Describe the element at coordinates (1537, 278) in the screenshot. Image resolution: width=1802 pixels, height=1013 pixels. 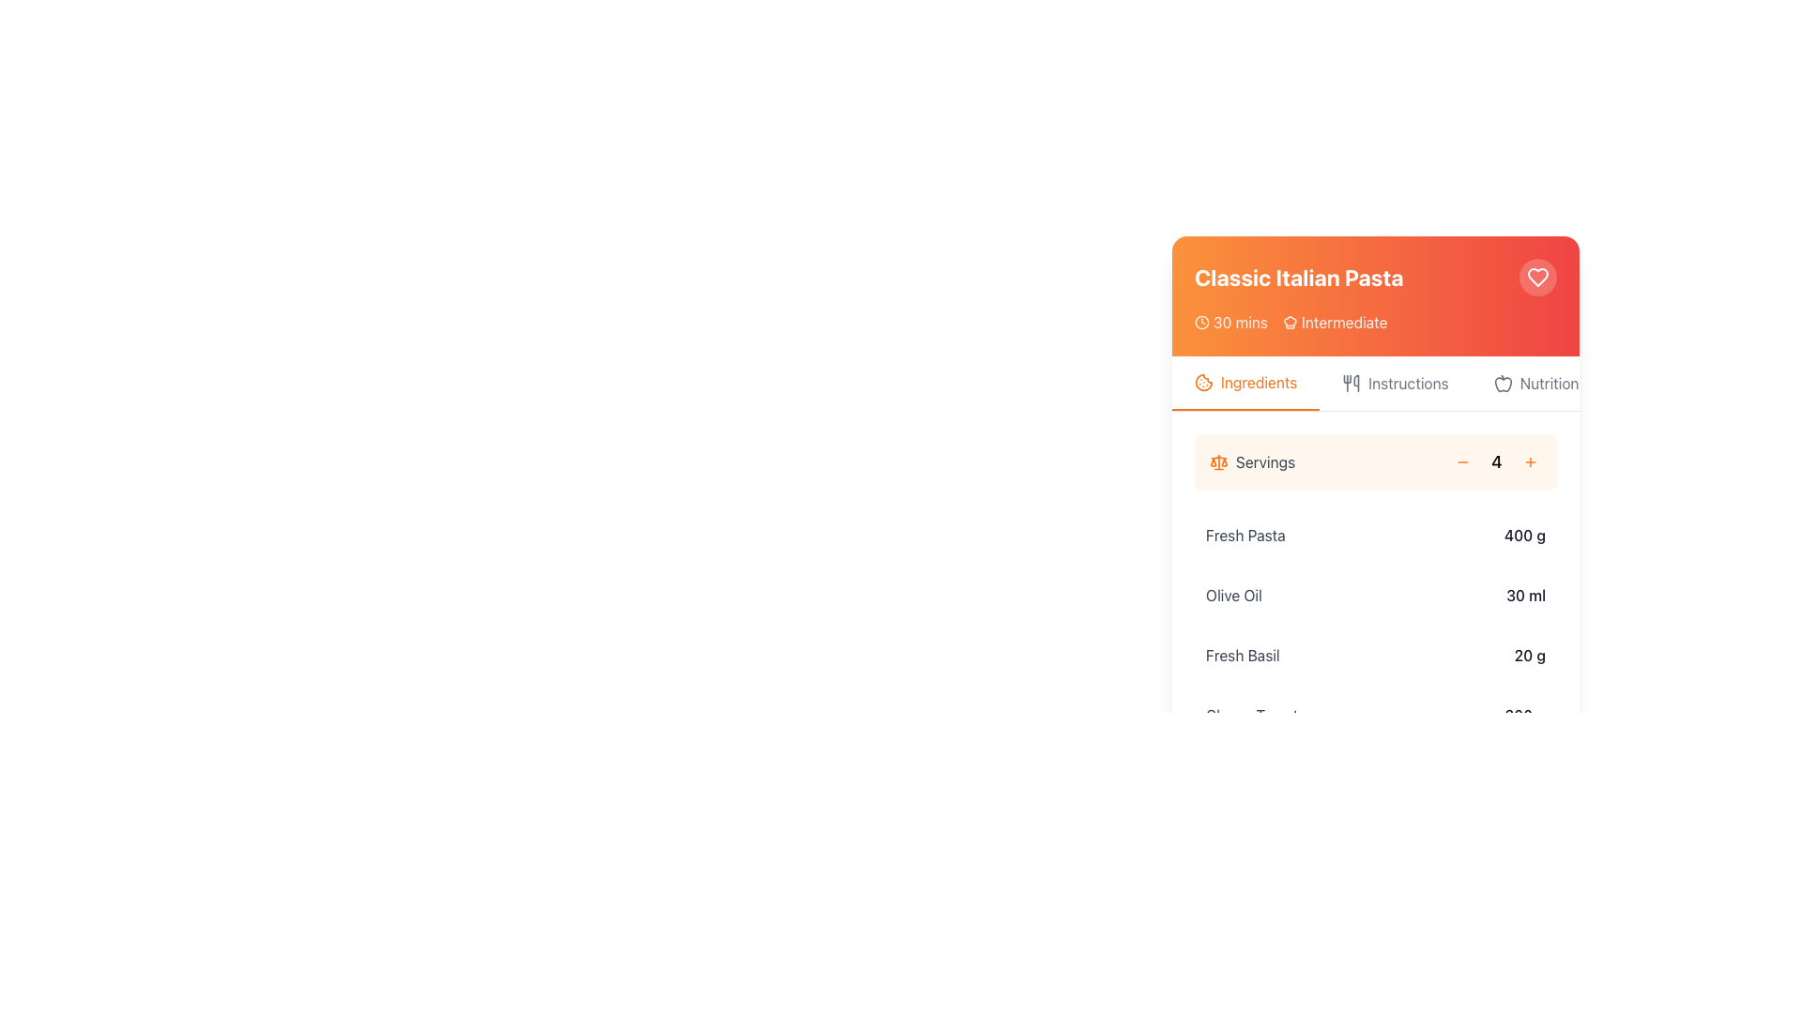
I see `the favorite button located to the far-right of the header section titled 'Classic Italian Pasta' to mark the associated item as favorite` at that location.